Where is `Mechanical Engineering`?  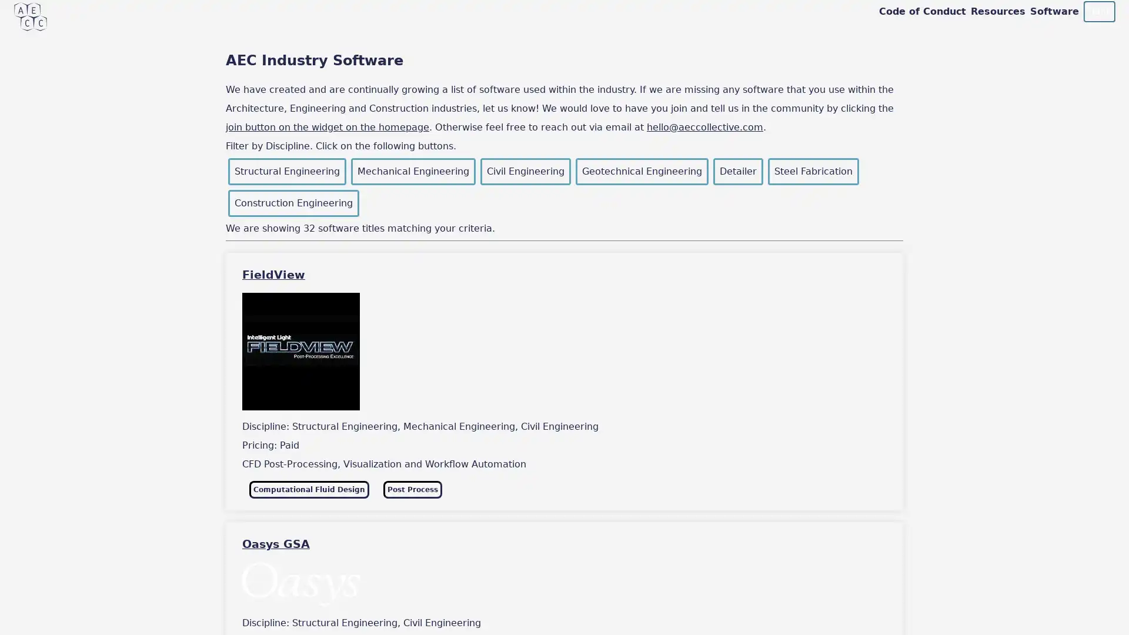 Mechanical Engineering is located at coordinates (413, 172).